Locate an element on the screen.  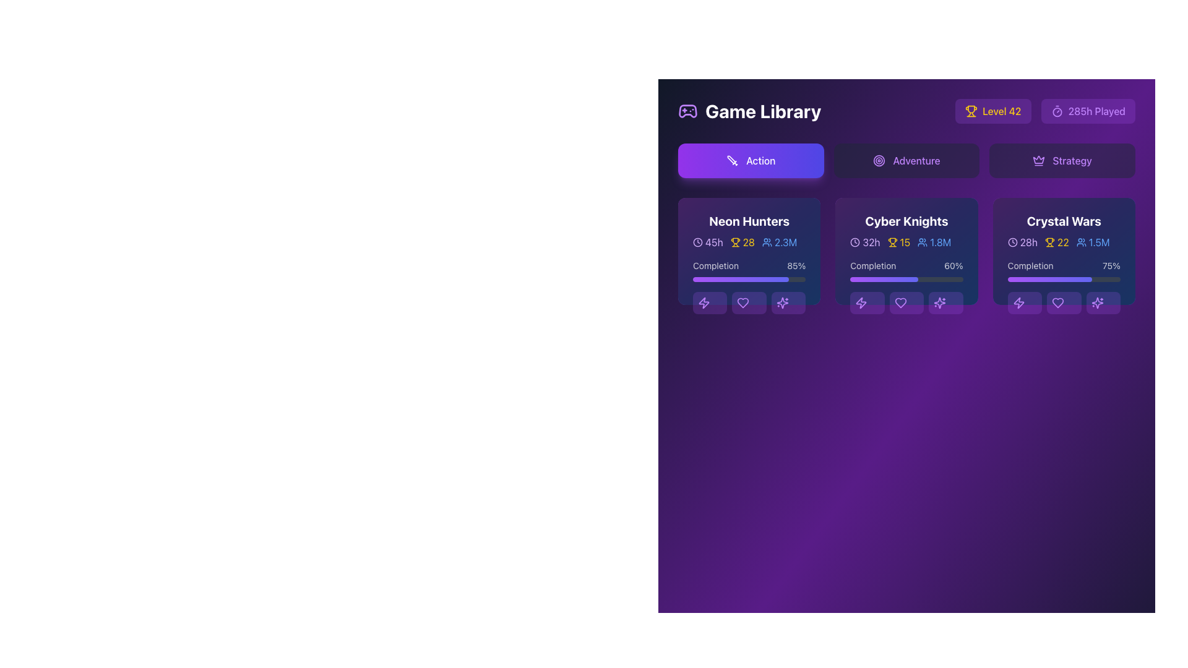
the small blue icon representing a group of people located within the 'Neon Hunters' card, positioned between a trophy icon and the text '2.3M' is located at coordinates (766, 242).